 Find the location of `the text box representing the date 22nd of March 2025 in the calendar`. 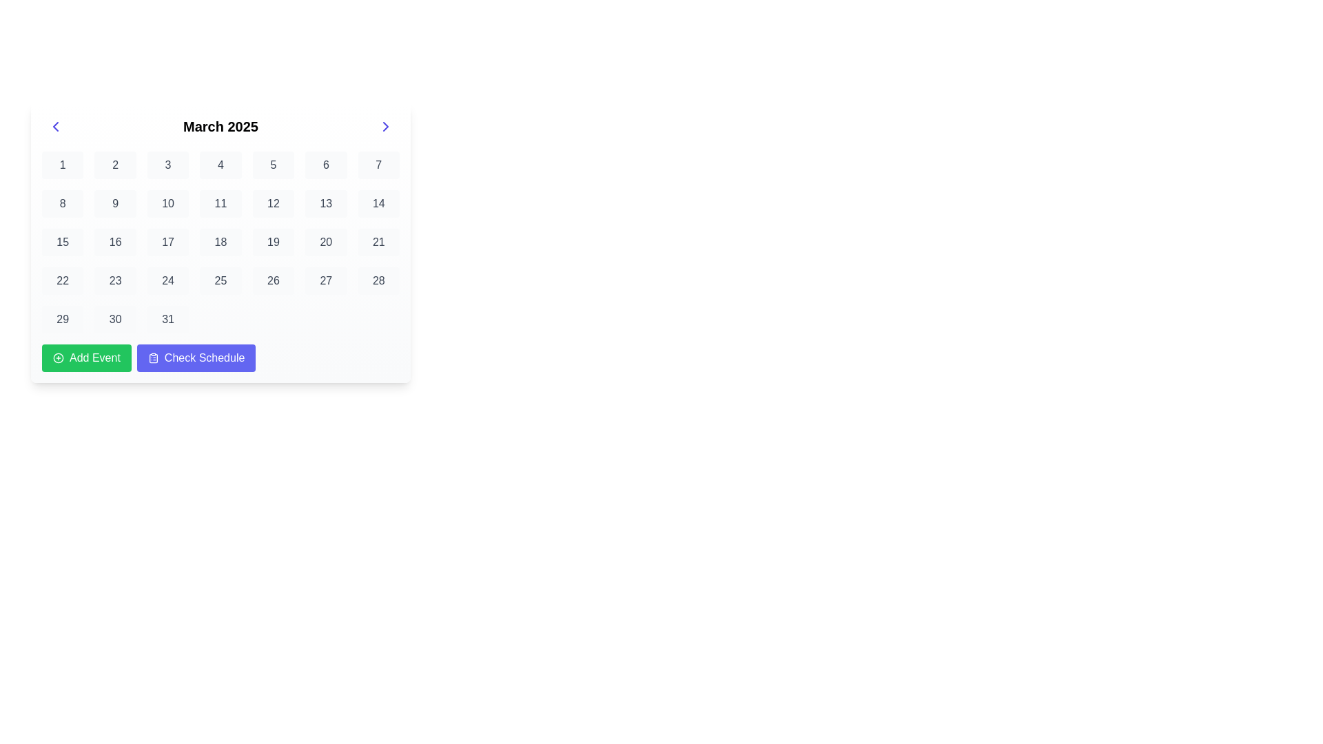

the text box representing the date 22nd of March 2025 in the calendar is located at coordinates (62, 280).